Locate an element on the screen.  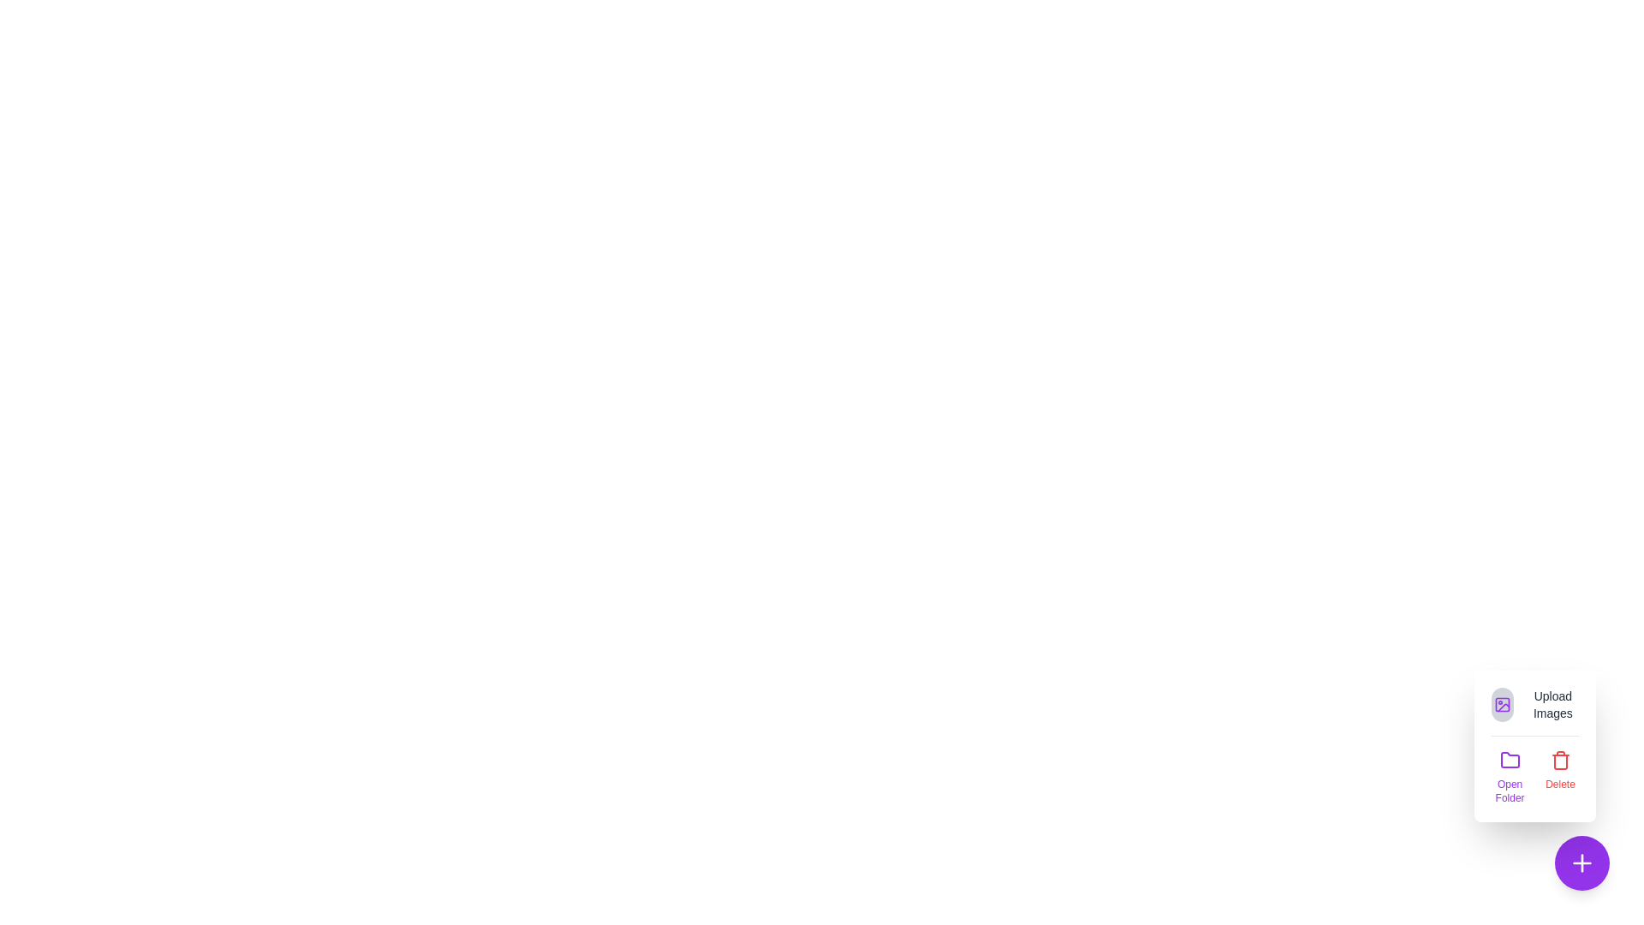
the 'Upload Images' button located in the top-left section of the grouped panel to initiate the upload process is located at coordinates (1535, 704).